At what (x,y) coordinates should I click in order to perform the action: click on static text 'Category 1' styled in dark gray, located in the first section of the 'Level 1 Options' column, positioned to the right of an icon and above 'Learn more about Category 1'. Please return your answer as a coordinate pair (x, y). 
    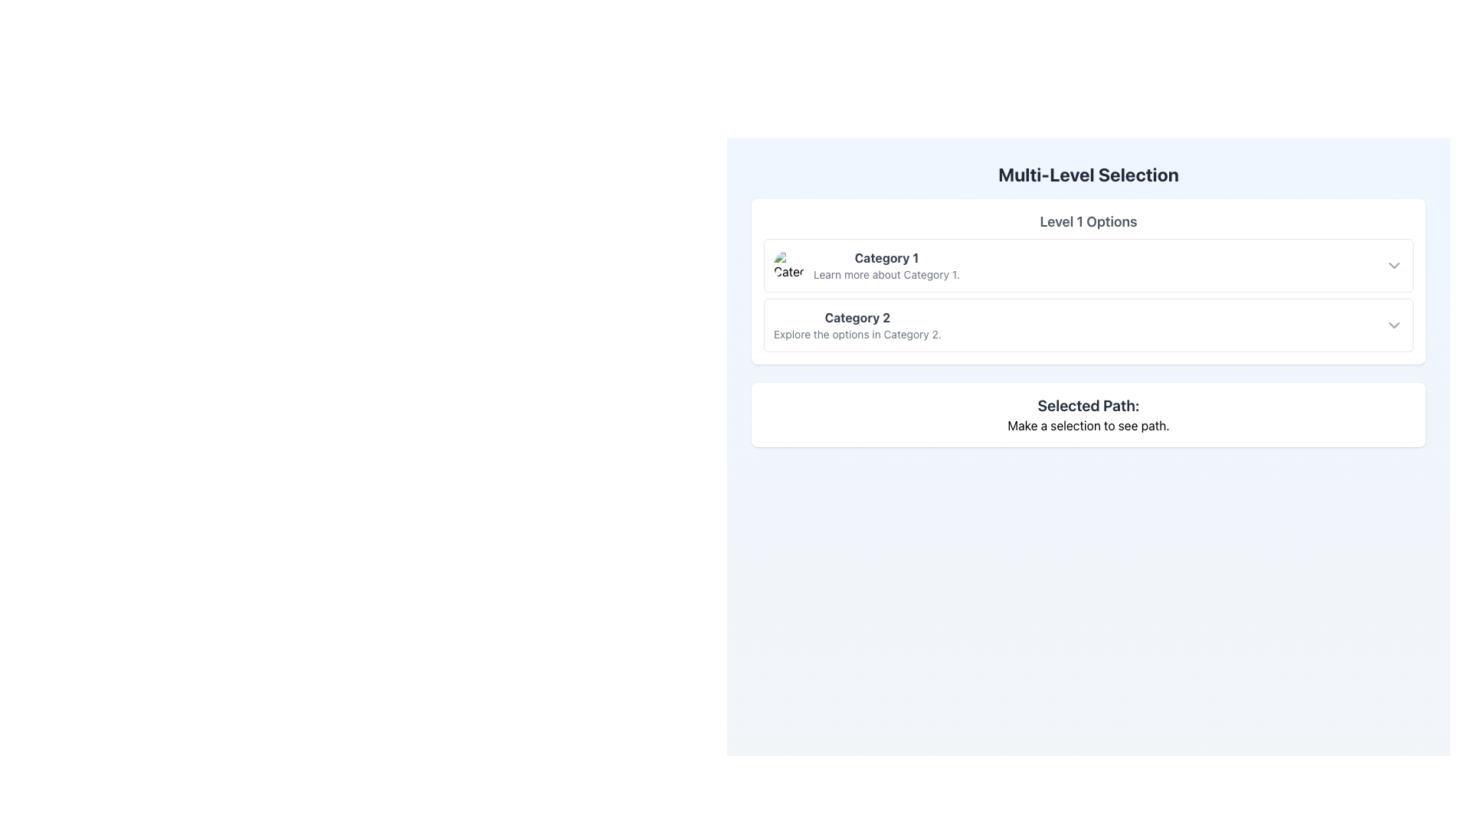
    Looking at the image, I should click on (886, 257).